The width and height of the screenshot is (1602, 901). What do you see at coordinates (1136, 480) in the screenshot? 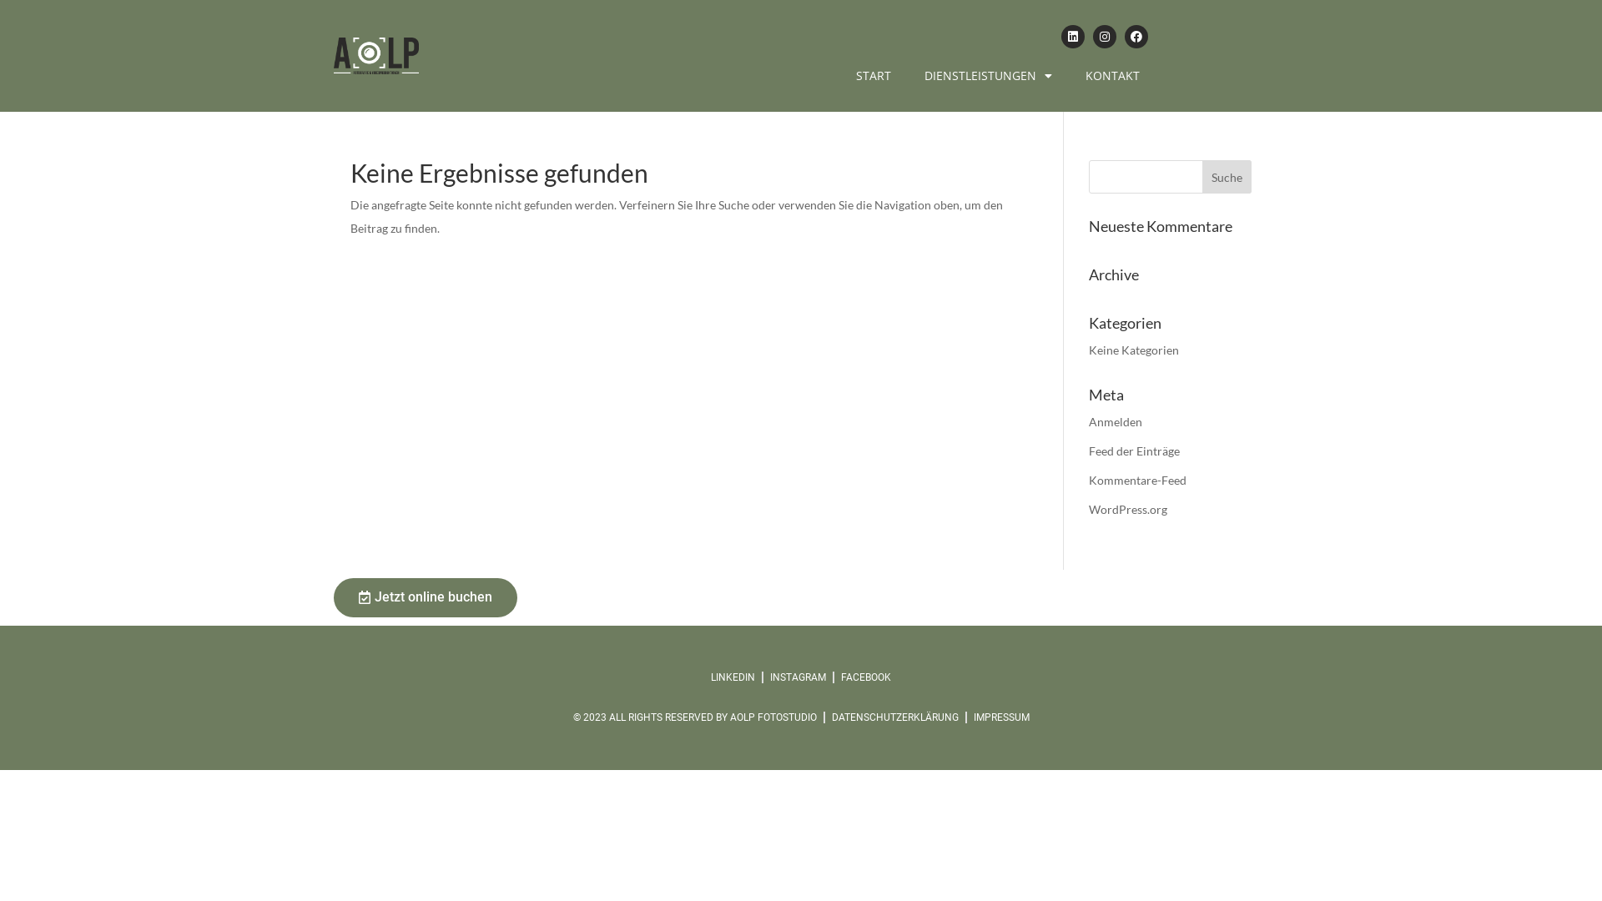
I see `'Kommentare-Feed'` at bounding box center [1136, 480].